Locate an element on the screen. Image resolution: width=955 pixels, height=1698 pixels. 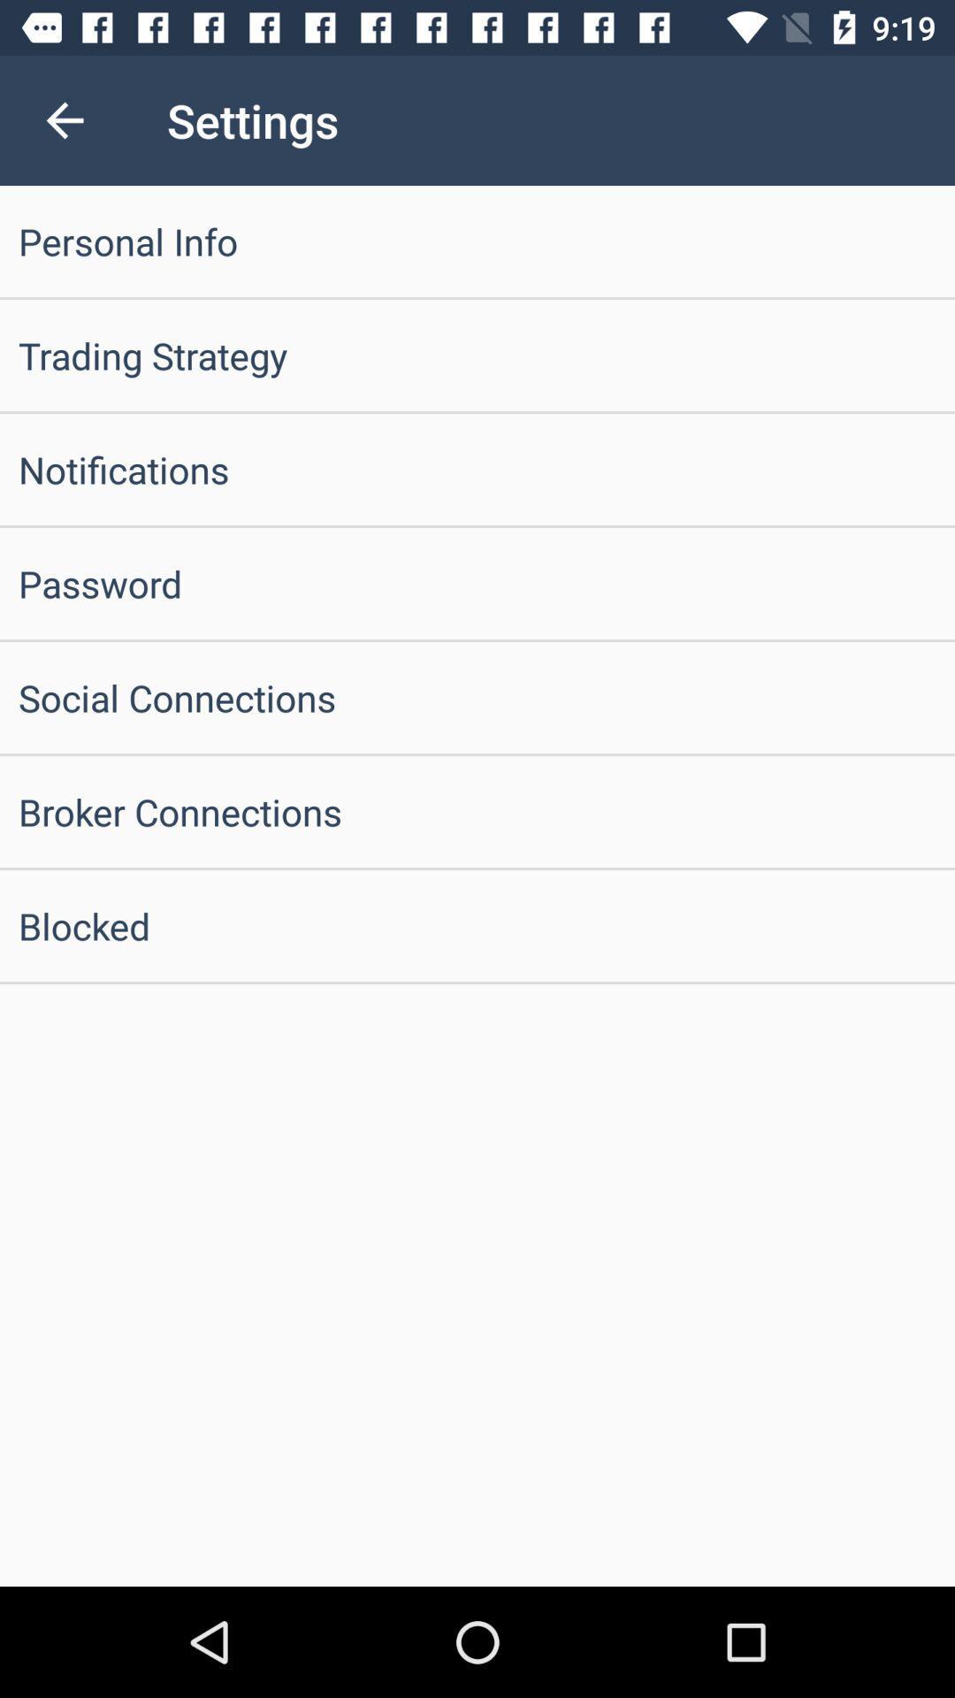
icon above the broker connections icon is located at coordinates (477, 696).